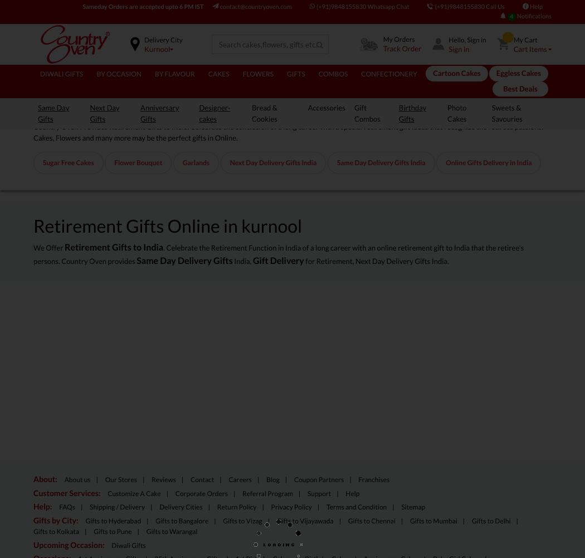 Image resolution: width=585 pixels, height=558 pixels. I want to click on 'Photo Cakes', so click(447, 112).